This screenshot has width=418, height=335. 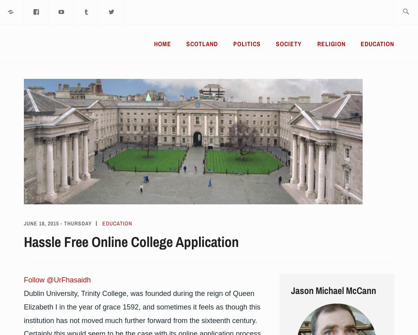 I want to click on 'Scotland', so click(x=186, y=43).